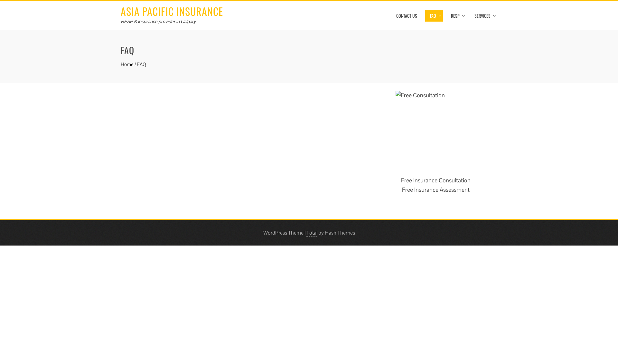  Describe the element at coordinates (391, 15) in the screenshot. I see `'CONTACT US'` at that location.